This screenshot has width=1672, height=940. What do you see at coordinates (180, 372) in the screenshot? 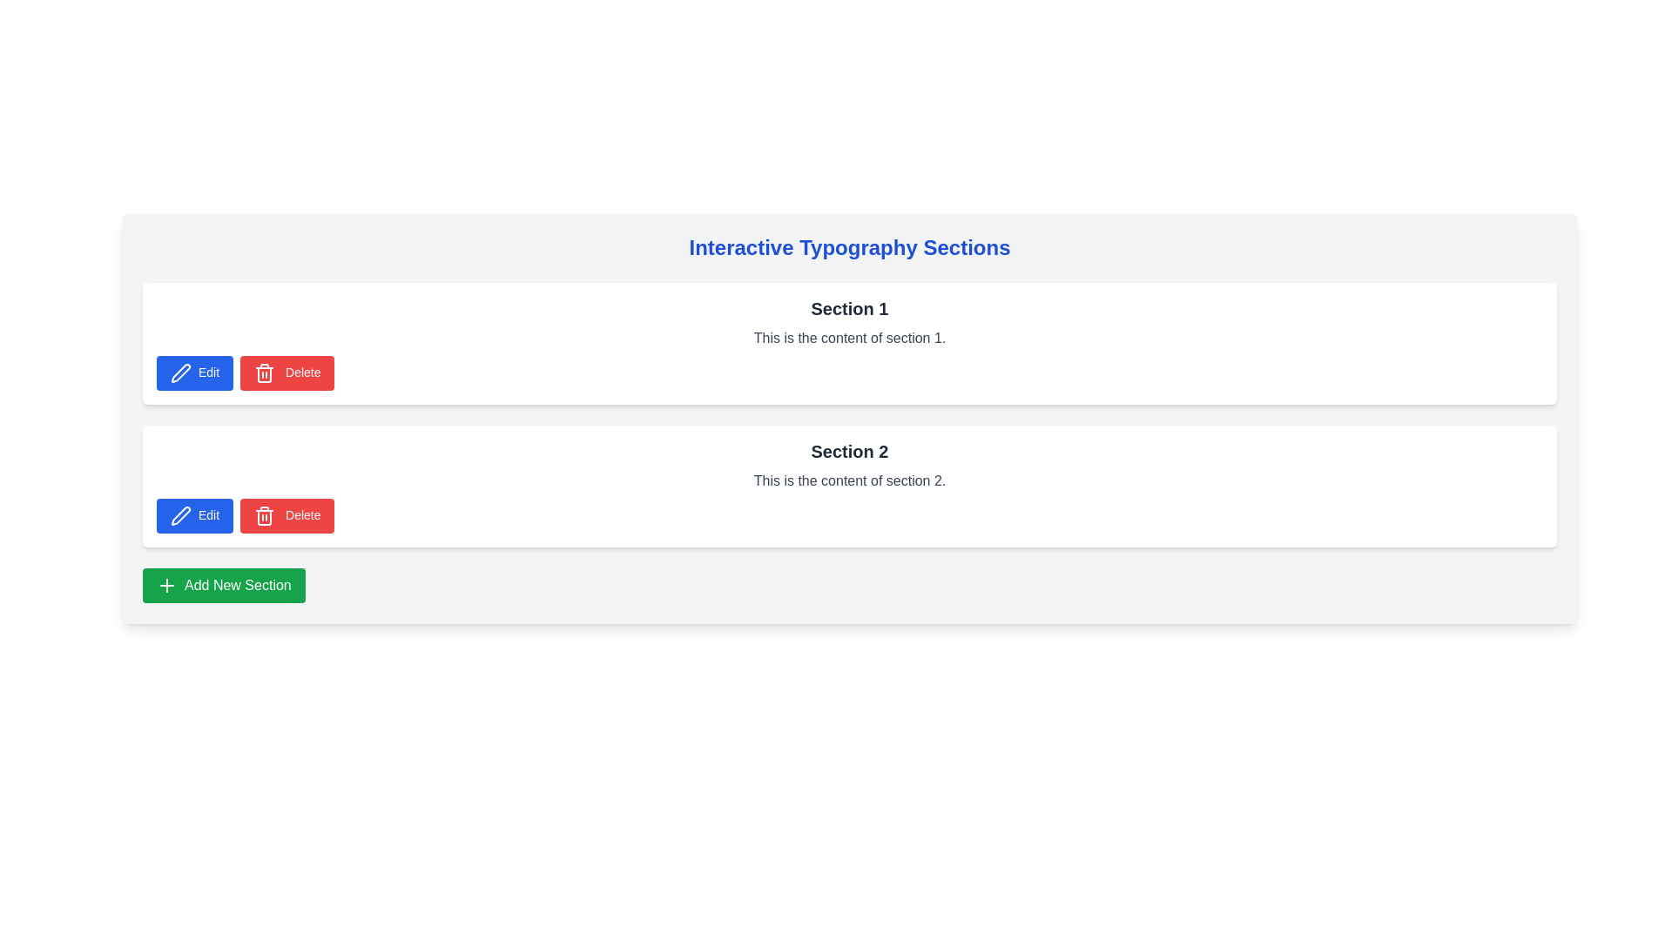
I see `the pen icon embedded within the 'Edit' button located in the top-left corner of the first section's action area` at bounding box center [180, 372].